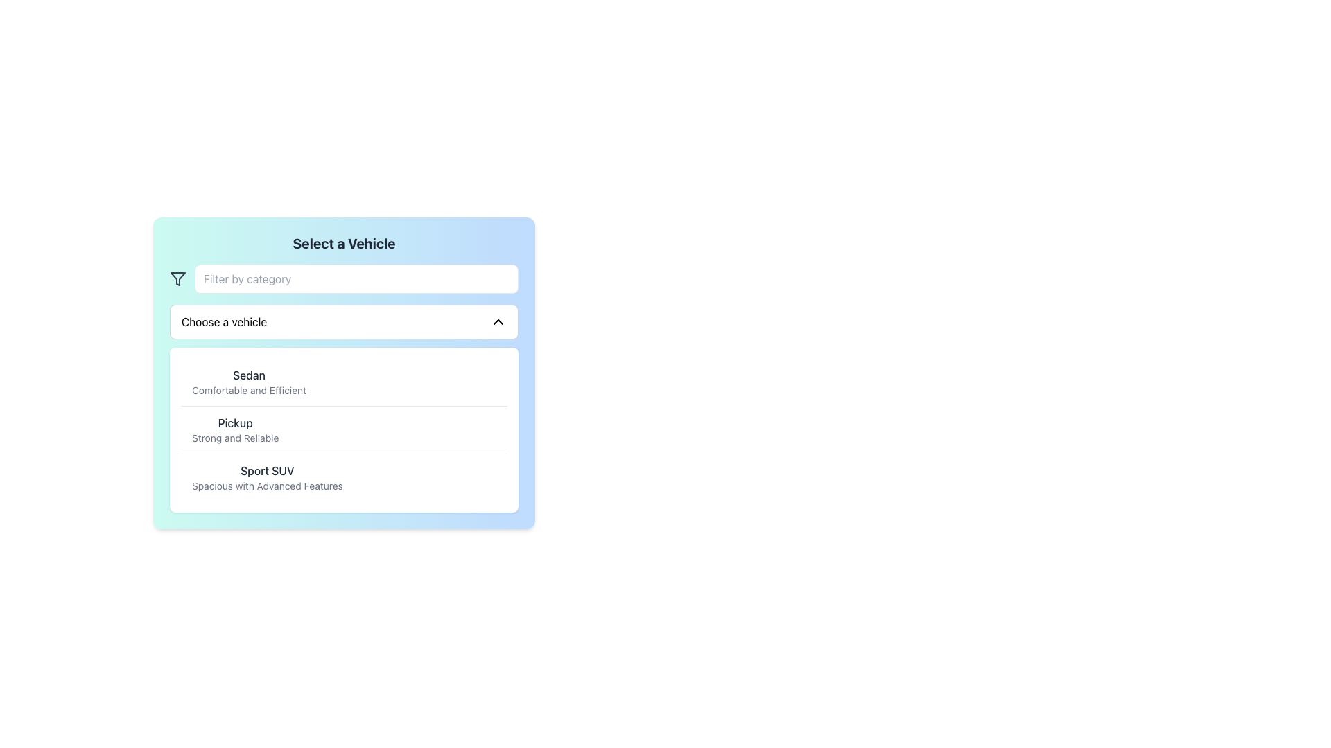 The height and width of the screenshot is (748, 1331). Describe the element at coordinates (344, 429) in the screenshot. I see `the List item displaying 'Pickup' with the description 'Strong and Reliable'` at that location.